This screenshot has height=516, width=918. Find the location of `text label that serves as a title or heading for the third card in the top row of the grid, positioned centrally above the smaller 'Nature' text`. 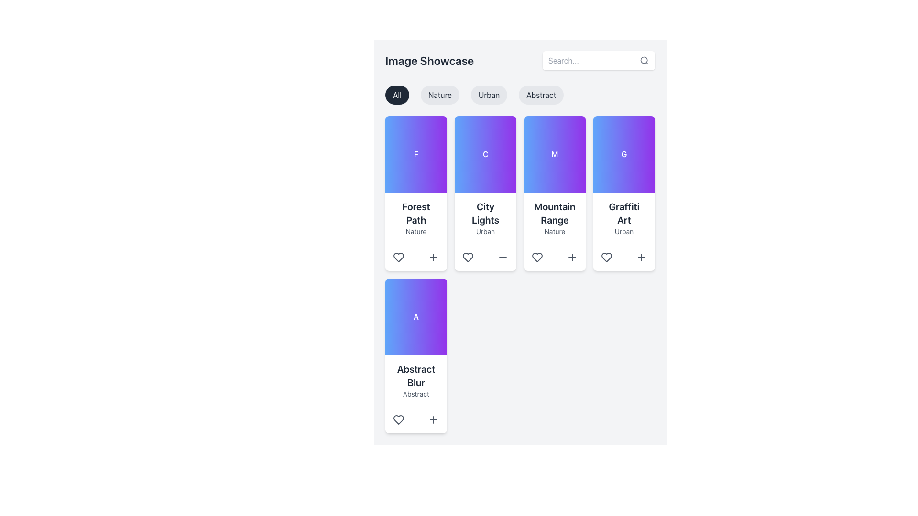

text label that serves as a title or heading for the third card in the top row of the grid, positioned centrally above the smaller 'Nature' text is located at coordinates (555, 213).